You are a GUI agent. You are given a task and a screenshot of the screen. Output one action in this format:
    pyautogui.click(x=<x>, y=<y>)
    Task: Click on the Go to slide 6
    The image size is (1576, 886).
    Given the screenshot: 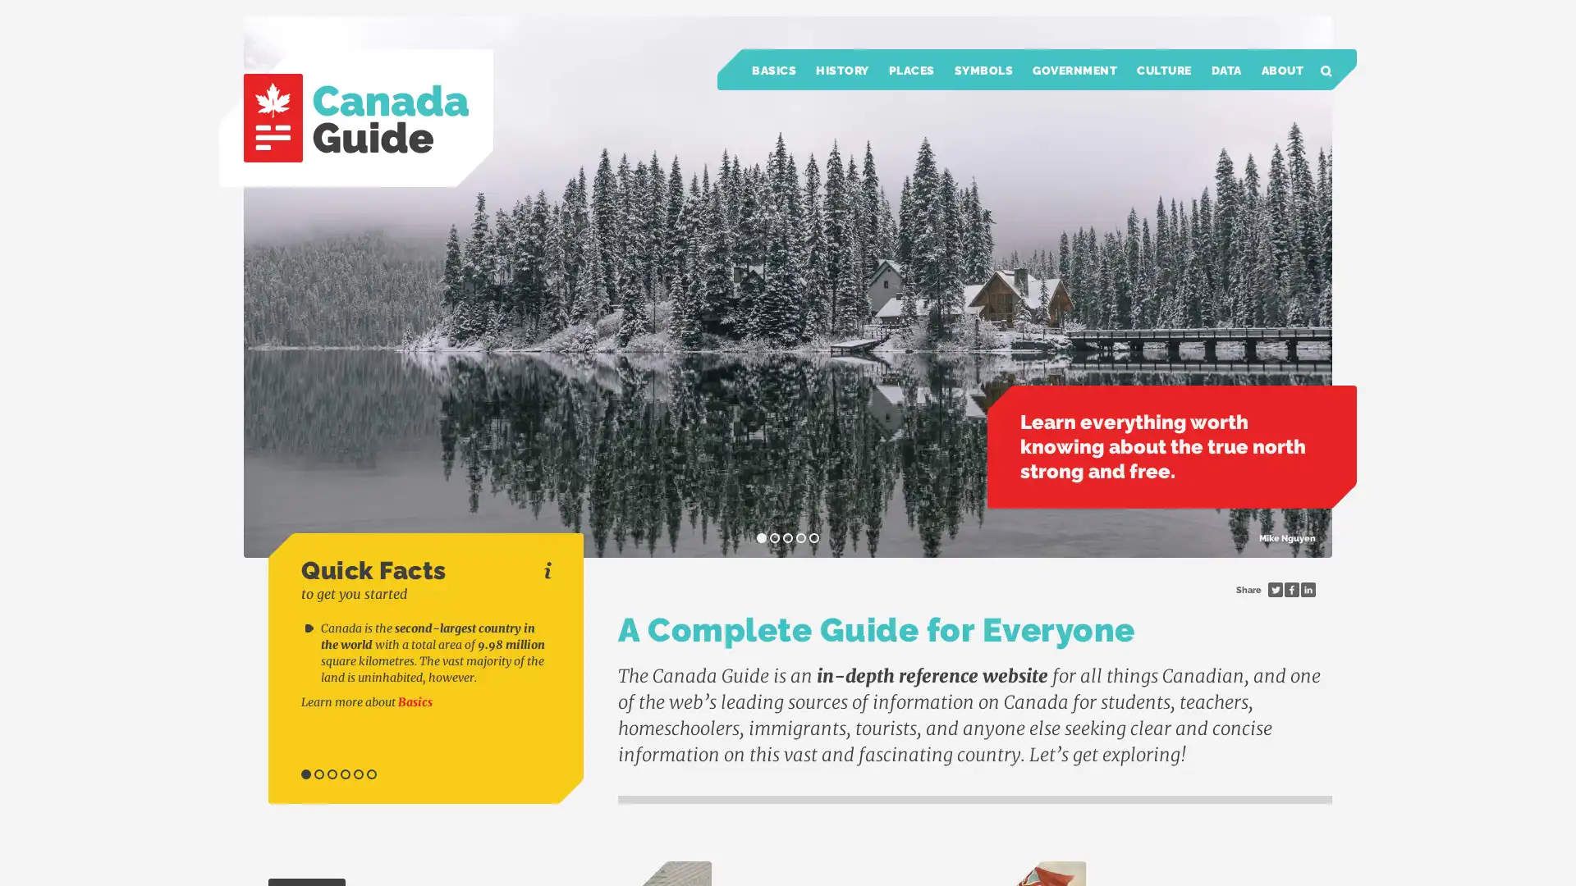 What is the action you would take?
    pyautogui.click(x=370, y=774)
    